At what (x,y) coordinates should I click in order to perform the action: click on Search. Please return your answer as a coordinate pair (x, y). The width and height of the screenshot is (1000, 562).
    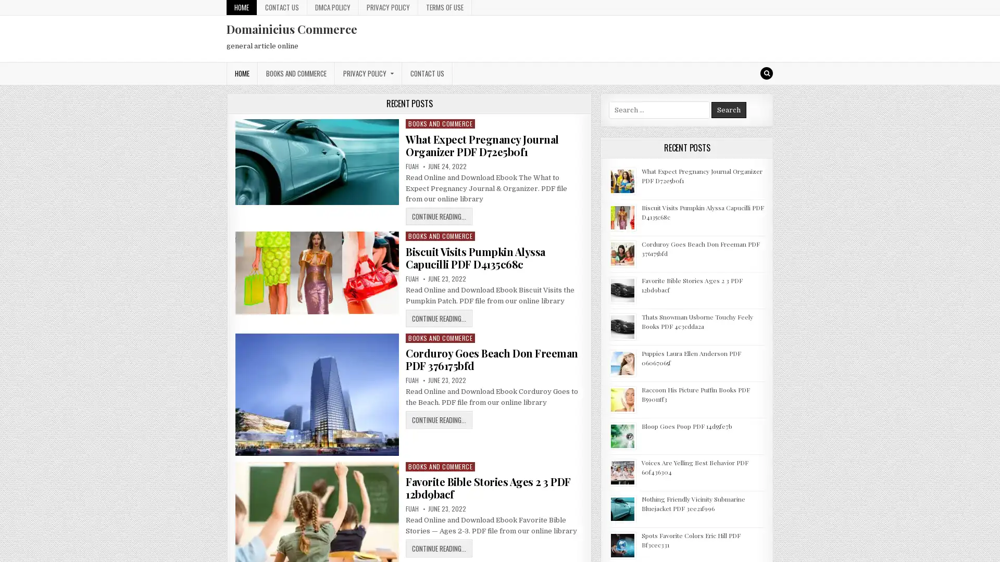
    Looking at the image, I should click on (728, 110).